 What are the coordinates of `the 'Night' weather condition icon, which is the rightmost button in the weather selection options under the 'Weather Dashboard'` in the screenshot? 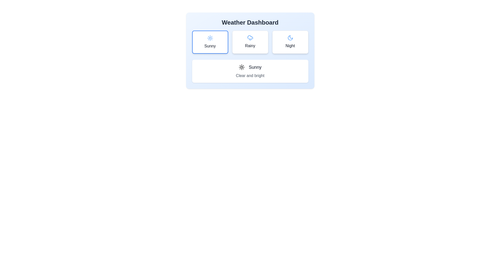 It's located at (290, 37).